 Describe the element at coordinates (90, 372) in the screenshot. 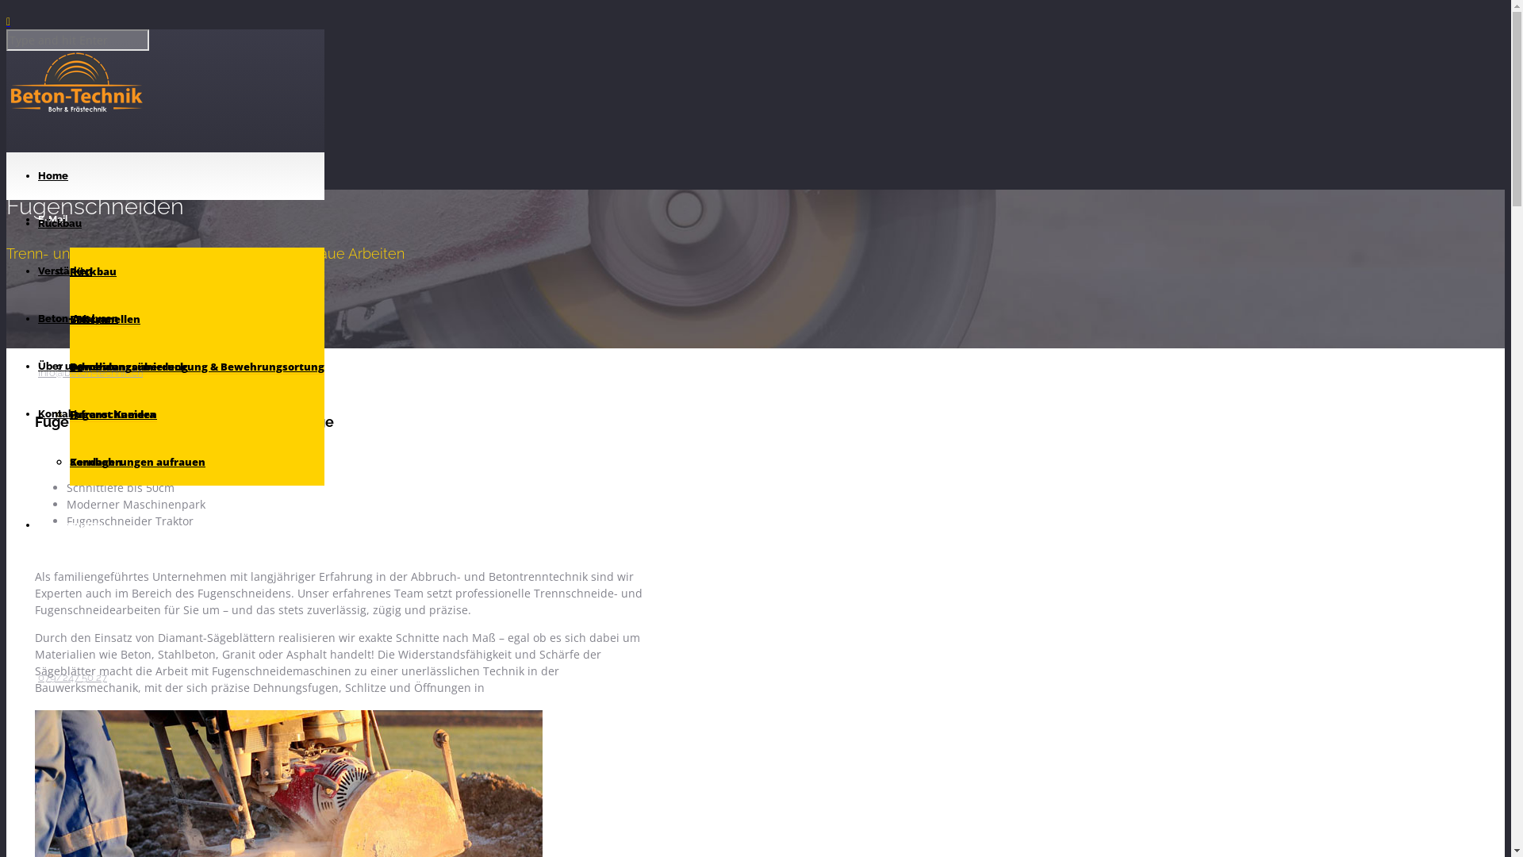

I see `'info@beton-technik.ch'` at that location.